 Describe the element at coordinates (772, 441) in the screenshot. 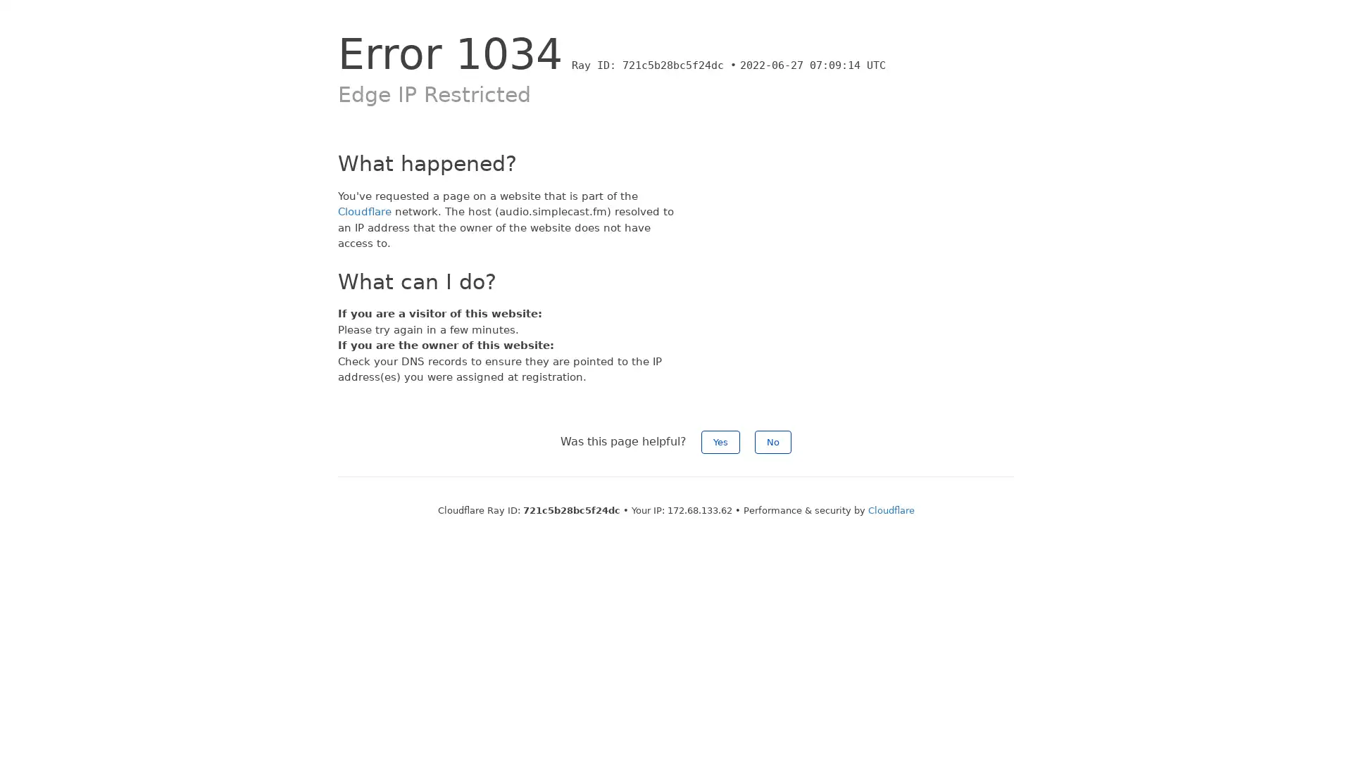

I see `No` at that location.